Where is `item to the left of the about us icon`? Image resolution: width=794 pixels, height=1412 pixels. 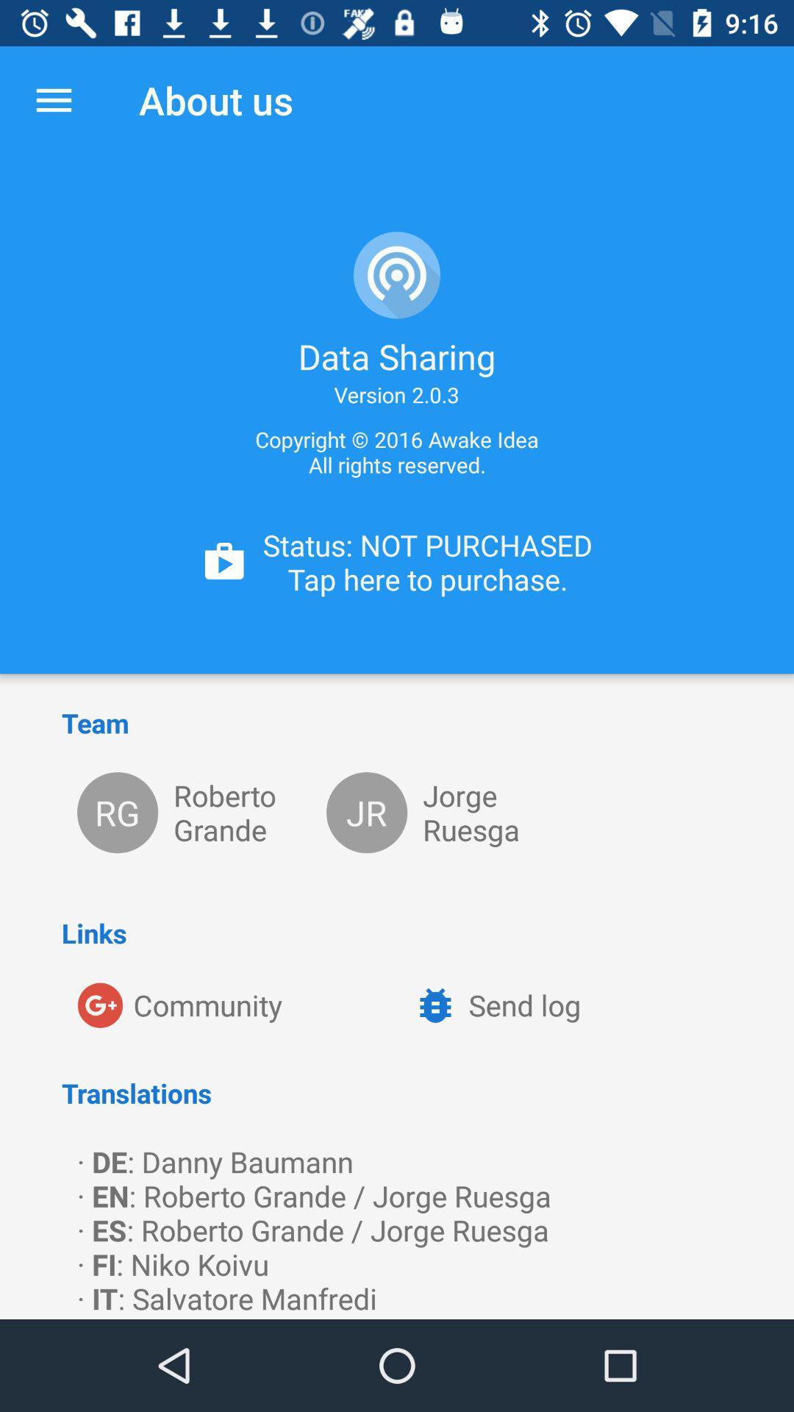
item to the left of the about us icon is located at coordinates (53, 99).